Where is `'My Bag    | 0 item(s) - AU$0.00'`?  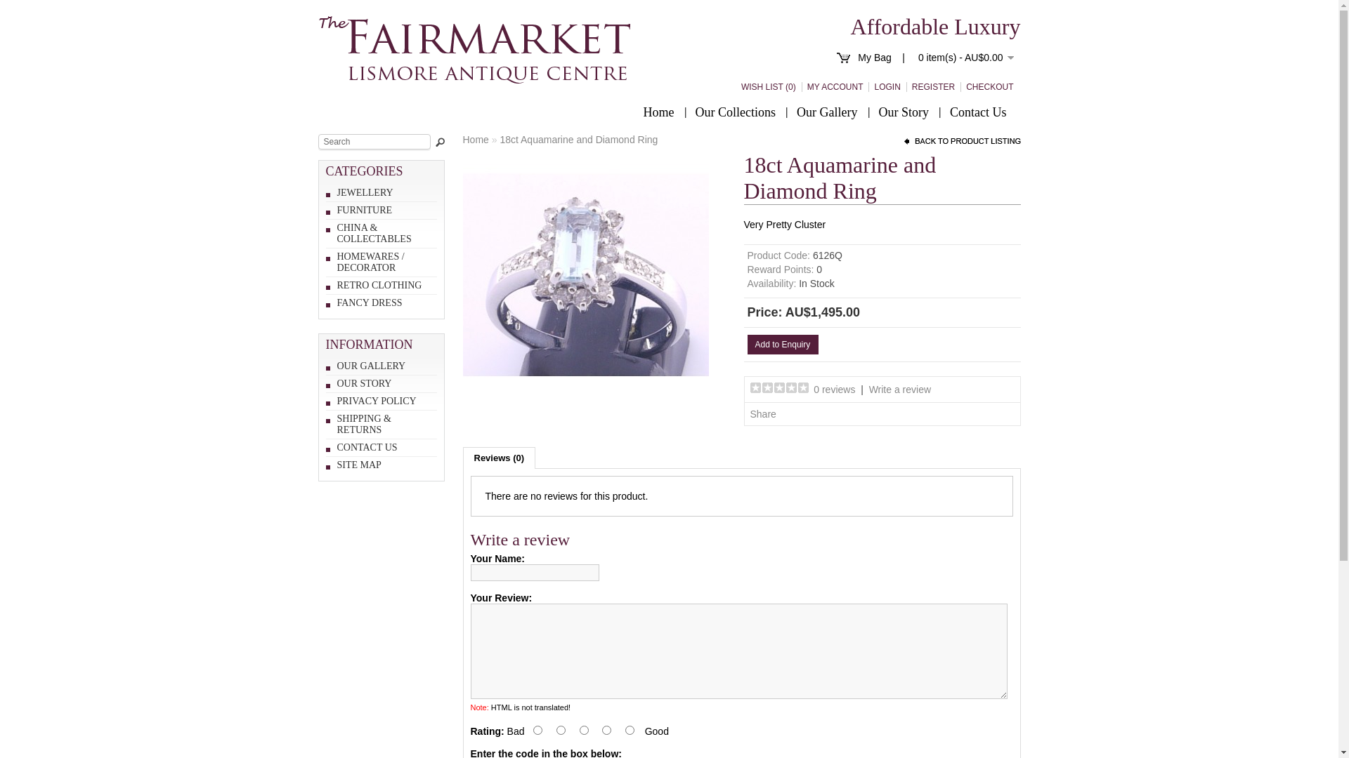 'My Bag    | 0 item(s) - AU$0.00' is located at coordinates (935, 56).